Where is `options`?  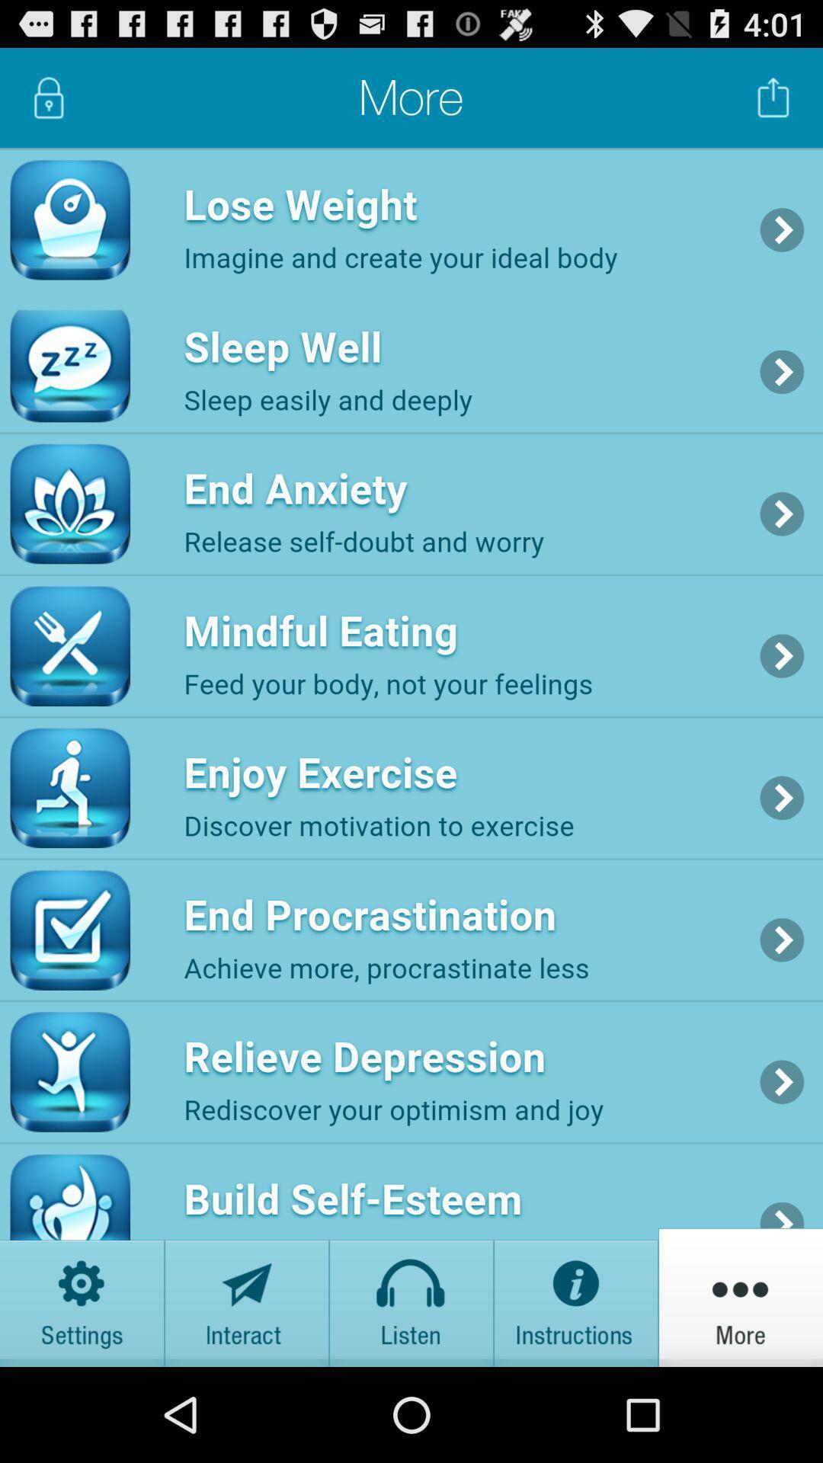
options is located at coordinates (82, 1296).